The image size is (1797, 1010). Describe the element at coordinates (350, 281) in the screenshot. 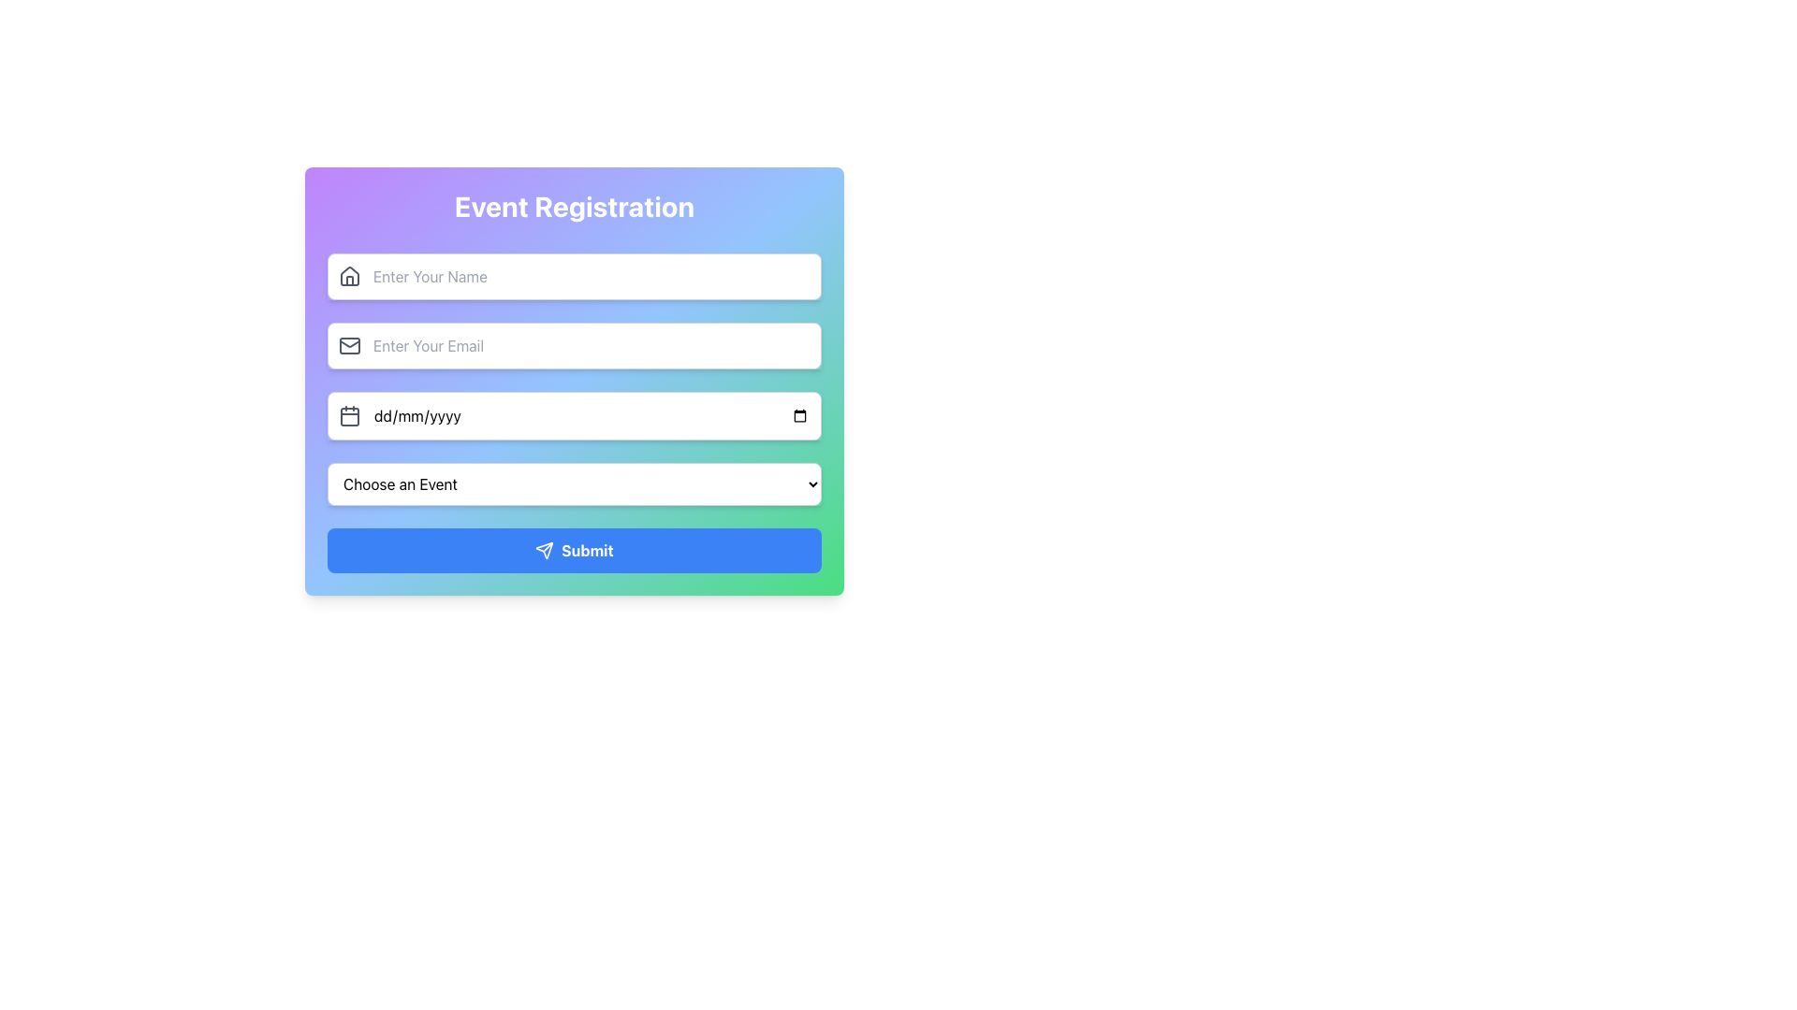

I see `the vertical line-like stroke of the house icon located to the left of the 'Enter Your Name' input field on the Event Registration form` at that location.